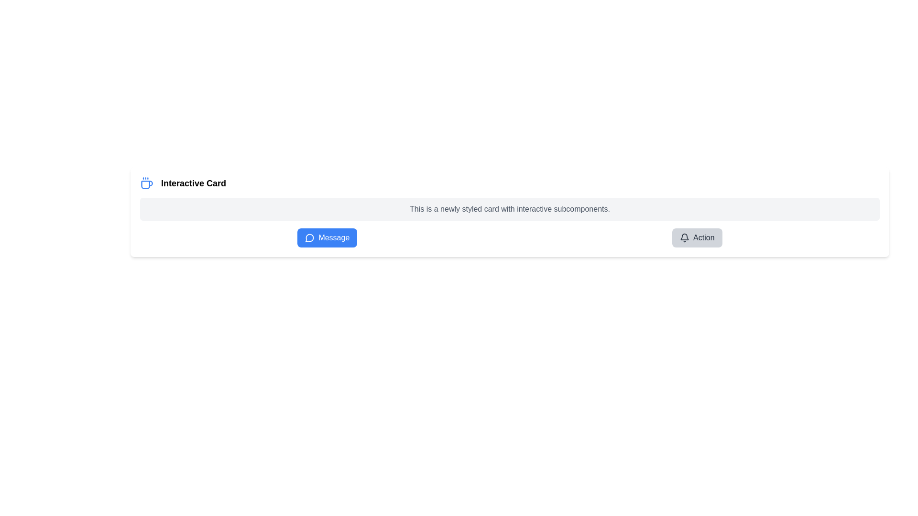  Describe the element at coordinates (327, 237) in the screenshot. I see `the button with rounded corners, blue background, and white text reading 'Message'` at that location.